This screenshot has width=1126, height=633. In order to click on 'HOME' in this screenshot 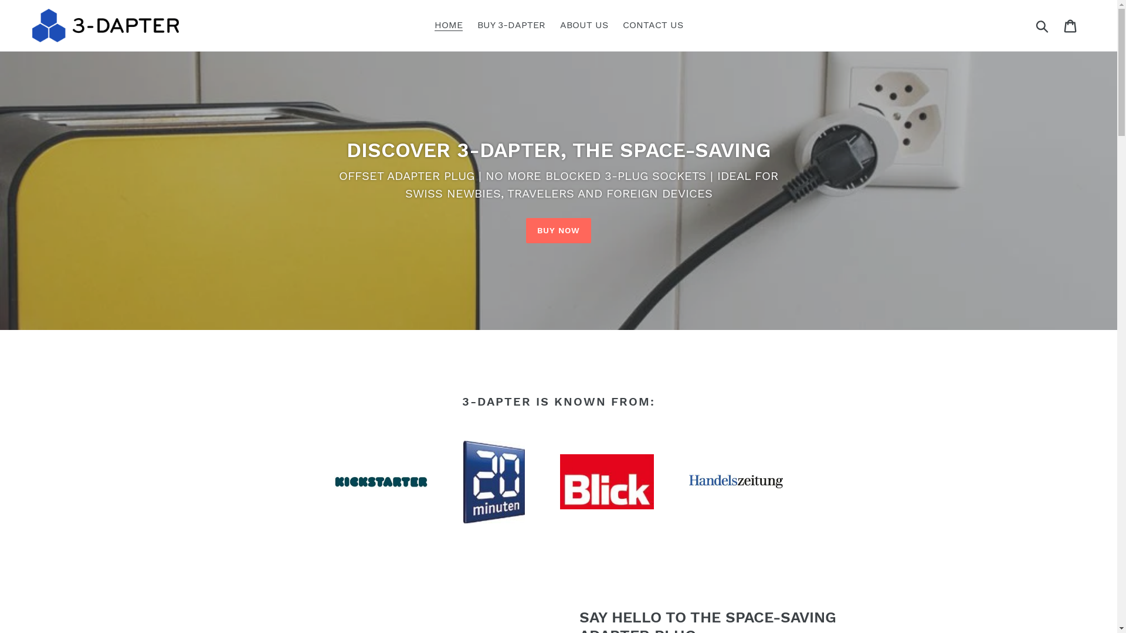, I will do `click(447, 25)`.